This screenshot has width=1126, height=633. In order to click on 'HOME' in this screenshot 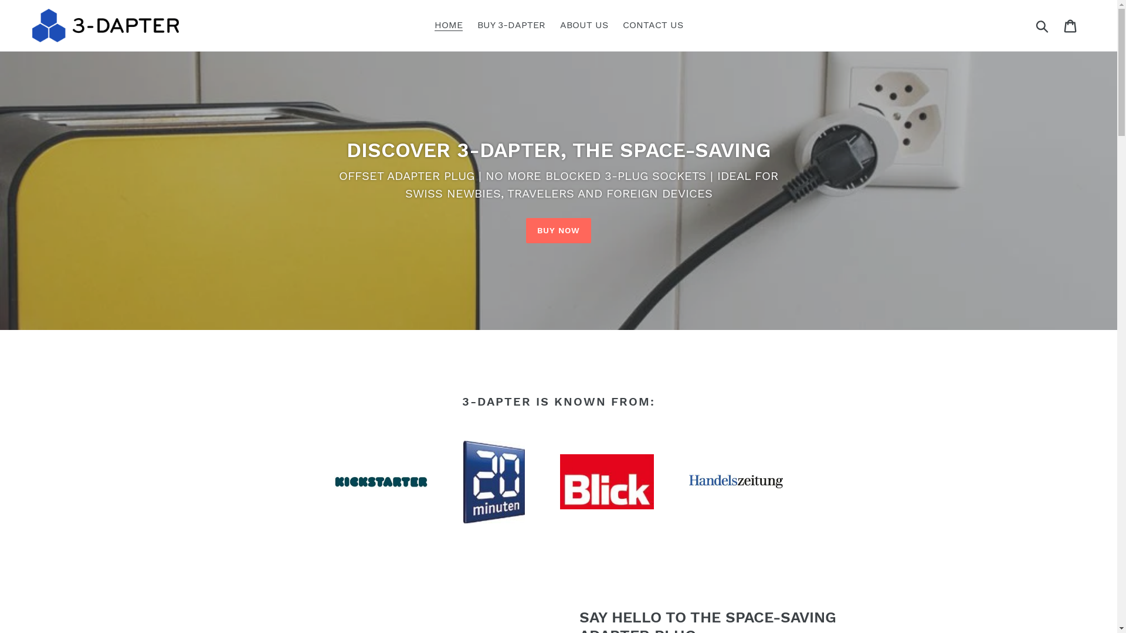, I will do `click(447, 25)`.